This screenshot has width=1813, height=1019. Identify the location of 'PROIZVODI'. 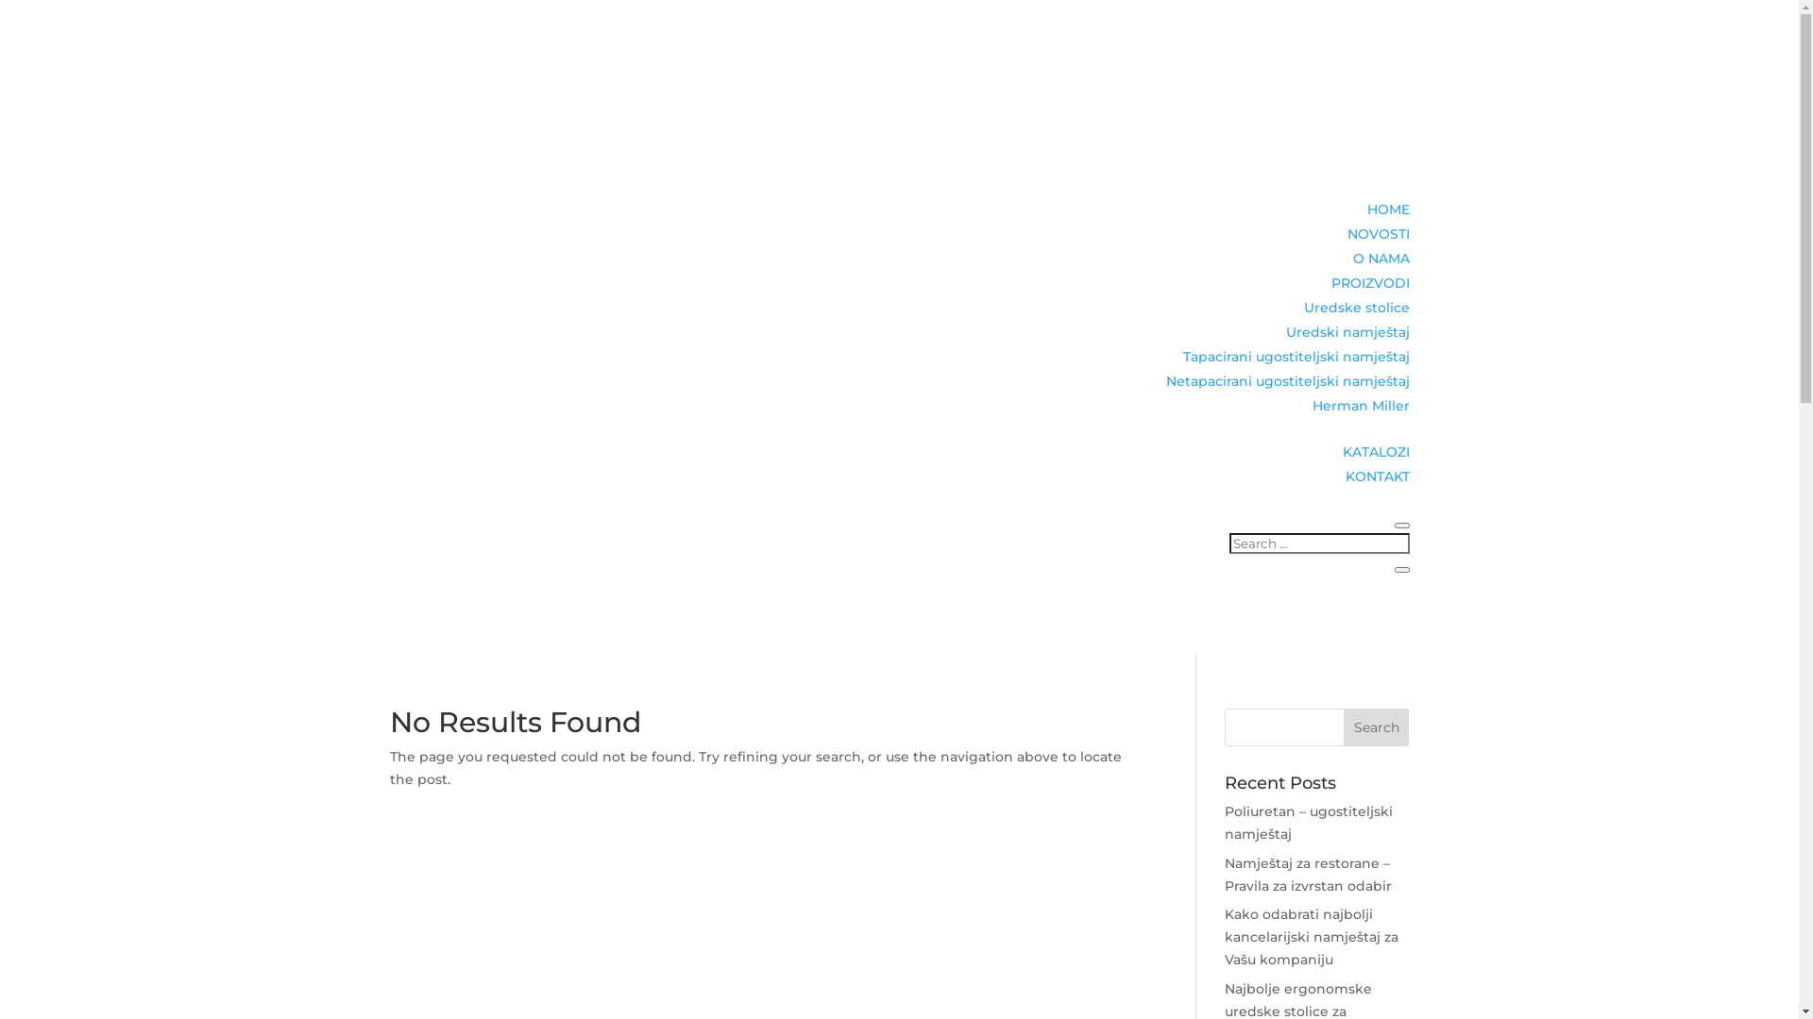
(1370, 283).